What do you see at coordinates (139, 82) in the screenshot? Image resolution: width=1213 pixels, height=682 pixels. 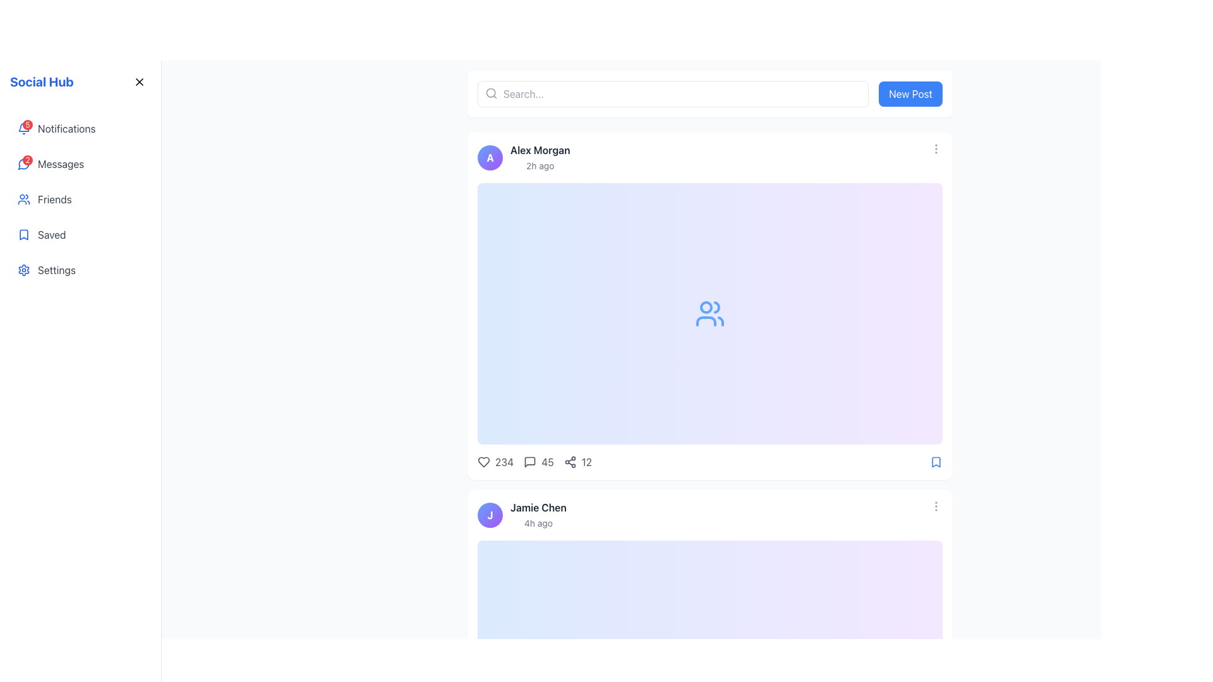 I see `the 'X' icon located near the 'Social Hub' title in the sidebar` at bounding box center [139, 82].